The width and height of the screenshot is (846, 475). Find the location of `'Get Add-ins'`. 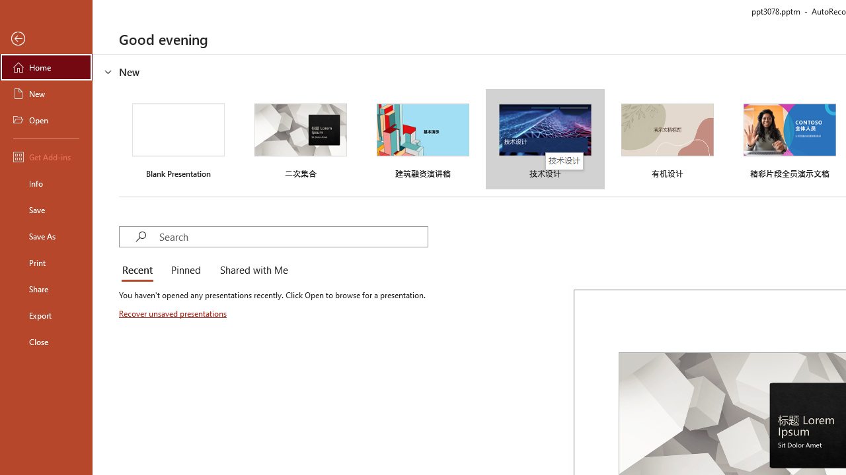

'Get Add-ins' is located at coordinates (46, 156).